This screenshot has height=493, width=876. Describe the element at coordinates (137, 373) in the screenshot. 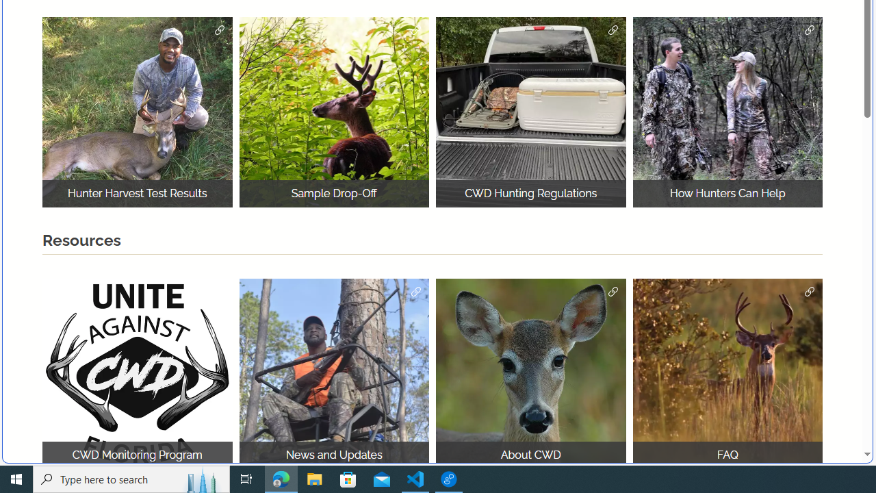

I see `'logo for chronic wasting disease program'` at that location.